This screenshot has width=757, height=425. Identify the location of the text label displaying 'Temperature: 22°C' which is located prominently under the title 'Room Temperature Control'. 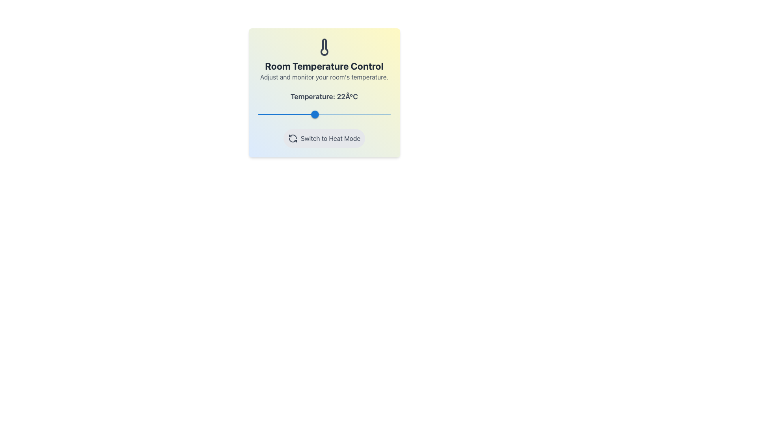
(324, 96).